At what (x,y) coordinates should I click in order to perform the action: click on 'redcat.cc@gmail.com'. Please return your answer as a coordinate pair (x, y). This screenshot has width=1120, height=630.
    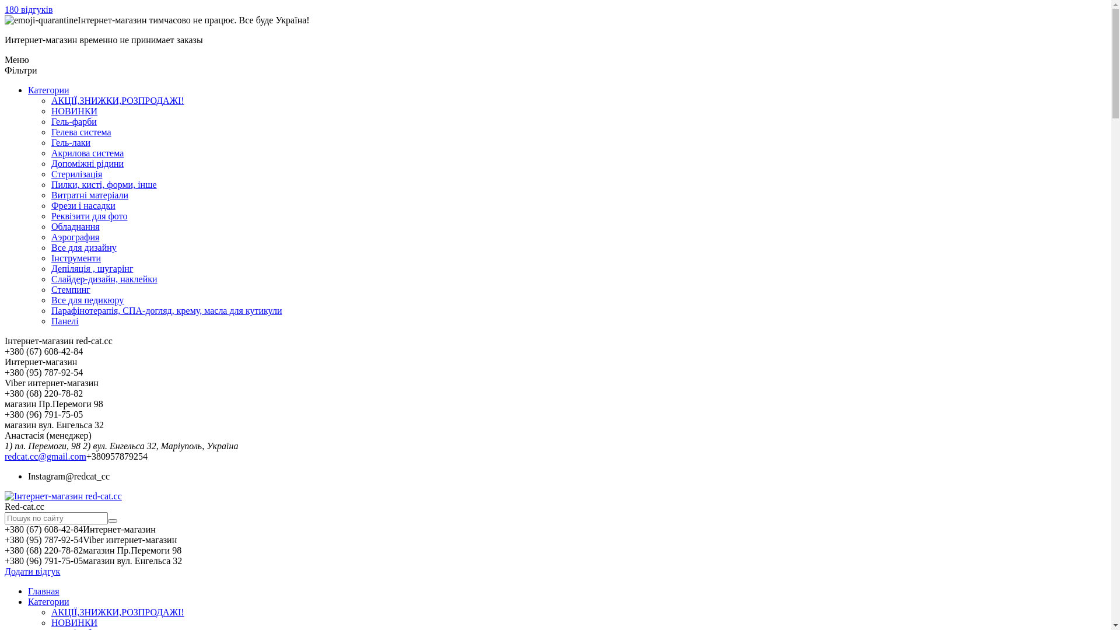
    Looking at the image, I should click on (45, 456).